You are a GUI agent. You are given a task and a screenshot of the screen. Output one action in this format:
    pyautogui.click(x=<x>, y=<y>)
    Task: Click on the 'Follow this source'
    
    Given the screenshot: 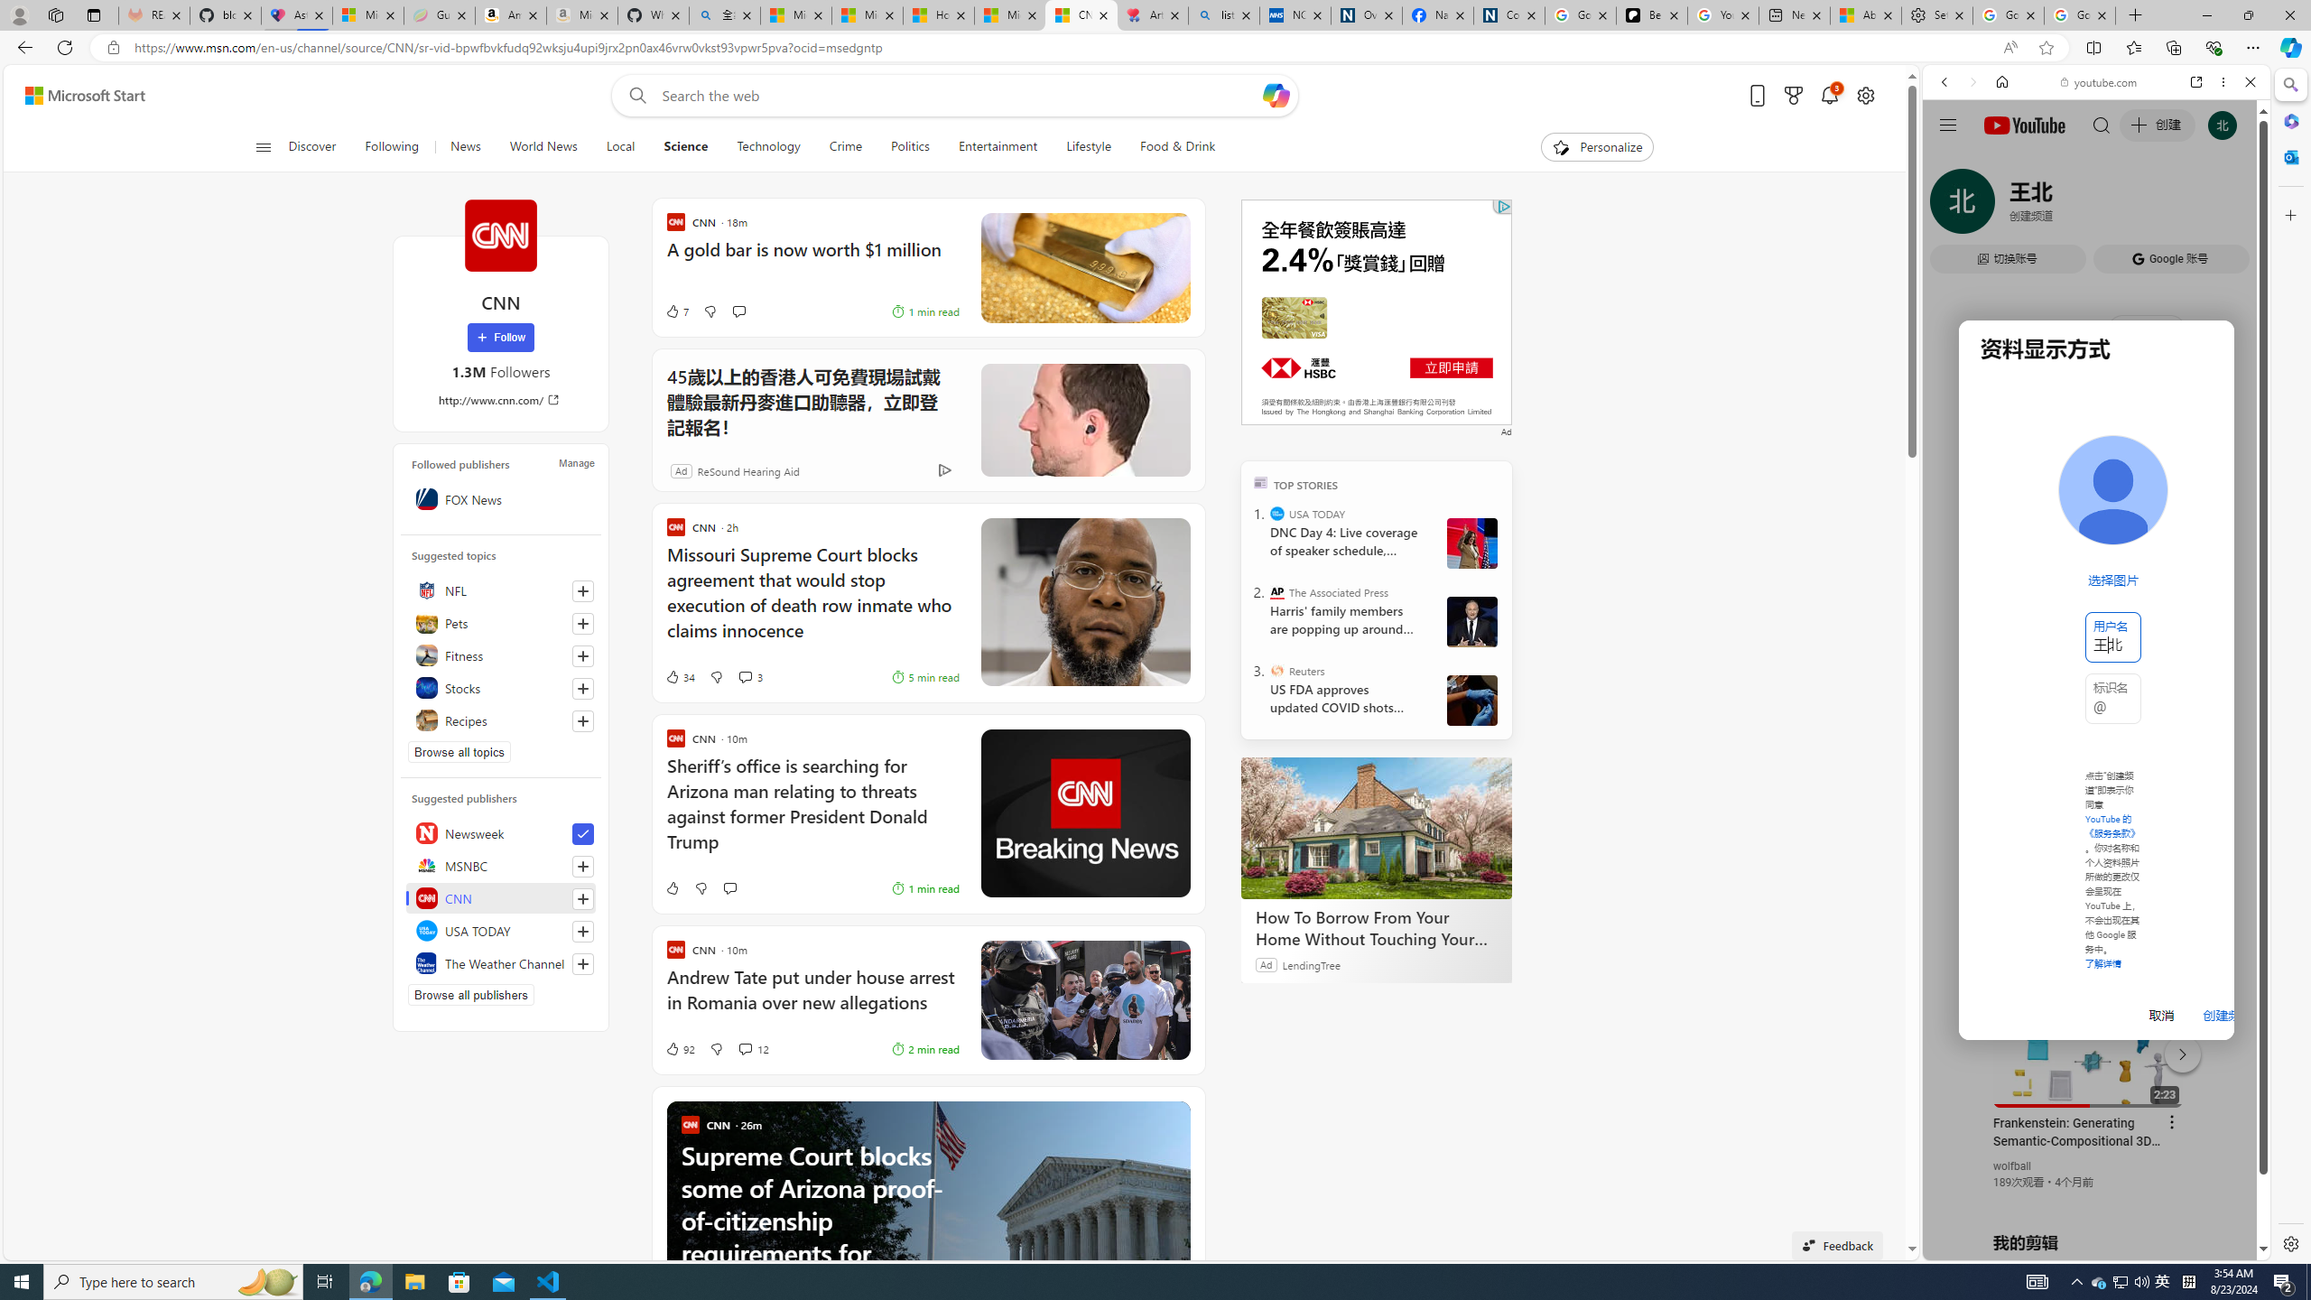 What is the action you would take?
    pyautogui.click(x=582, y=964)
    